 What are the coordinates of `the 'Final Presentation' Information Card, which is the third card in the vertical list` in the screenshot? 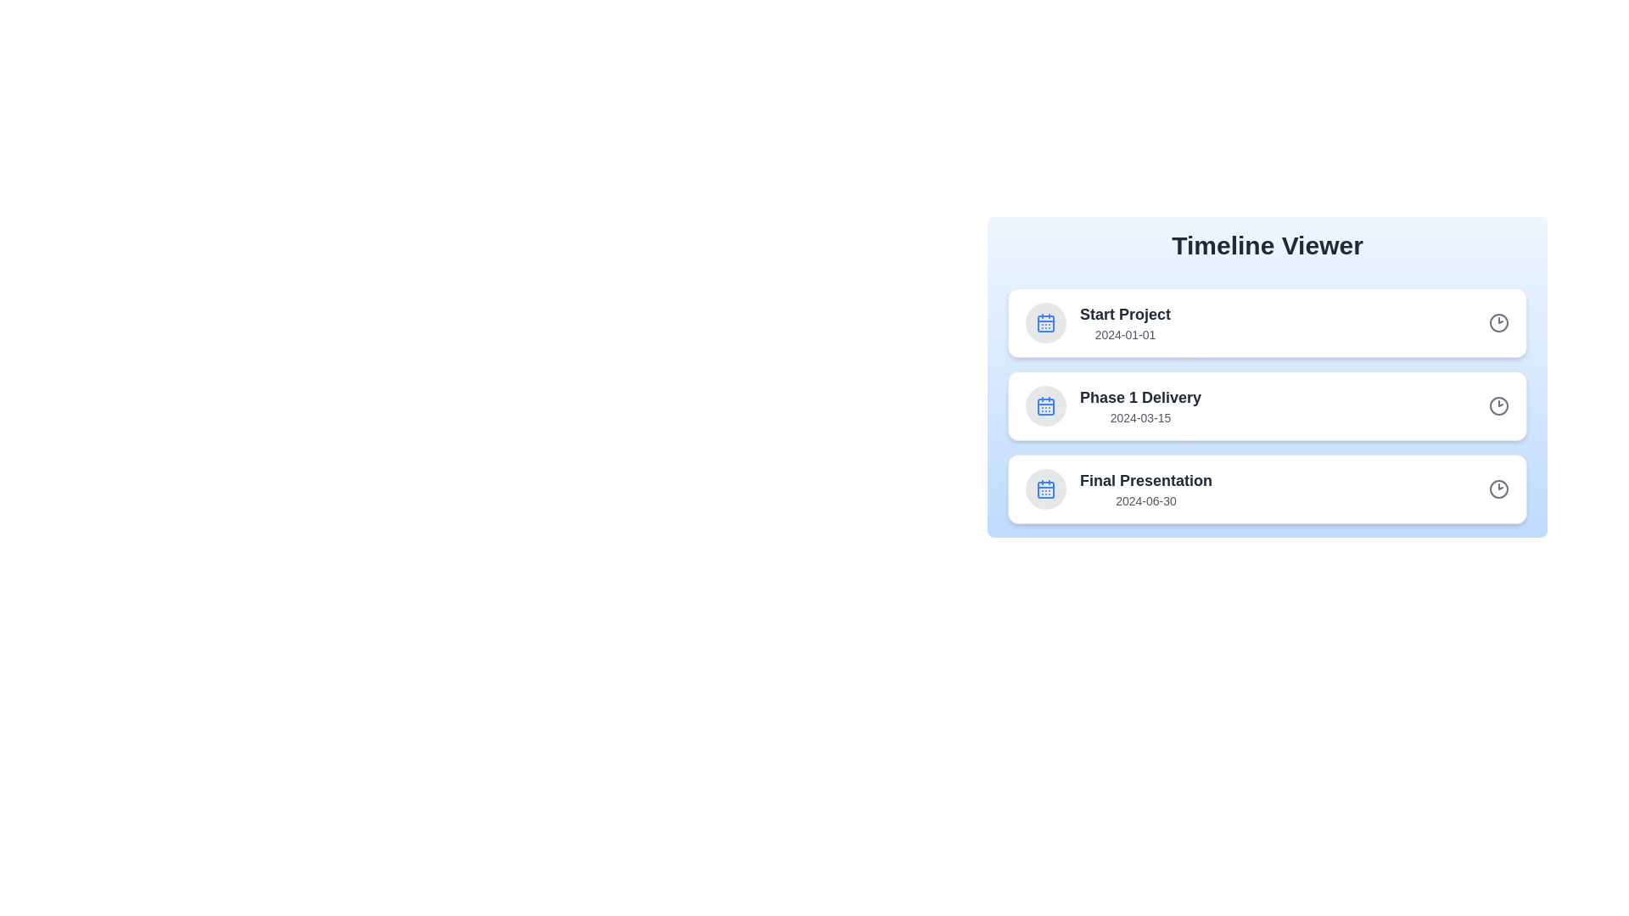 It's located at (1267, 489).